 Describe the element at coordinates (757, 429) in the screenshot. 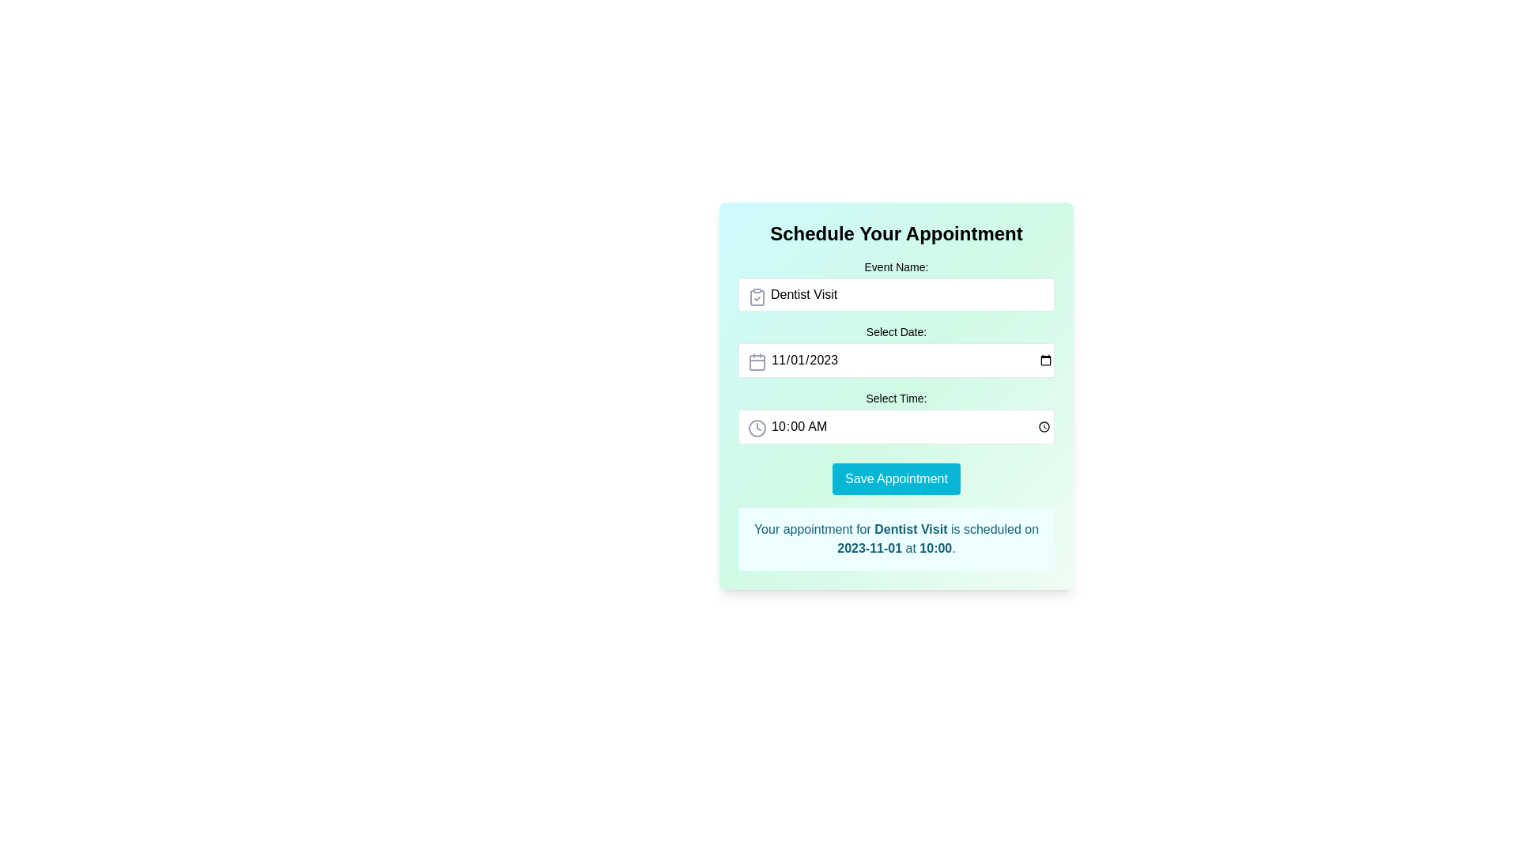

I see `the outer circle of the clock icon, which visually represents the clock functionality and is located adjacent to the time setting text input` at that location.